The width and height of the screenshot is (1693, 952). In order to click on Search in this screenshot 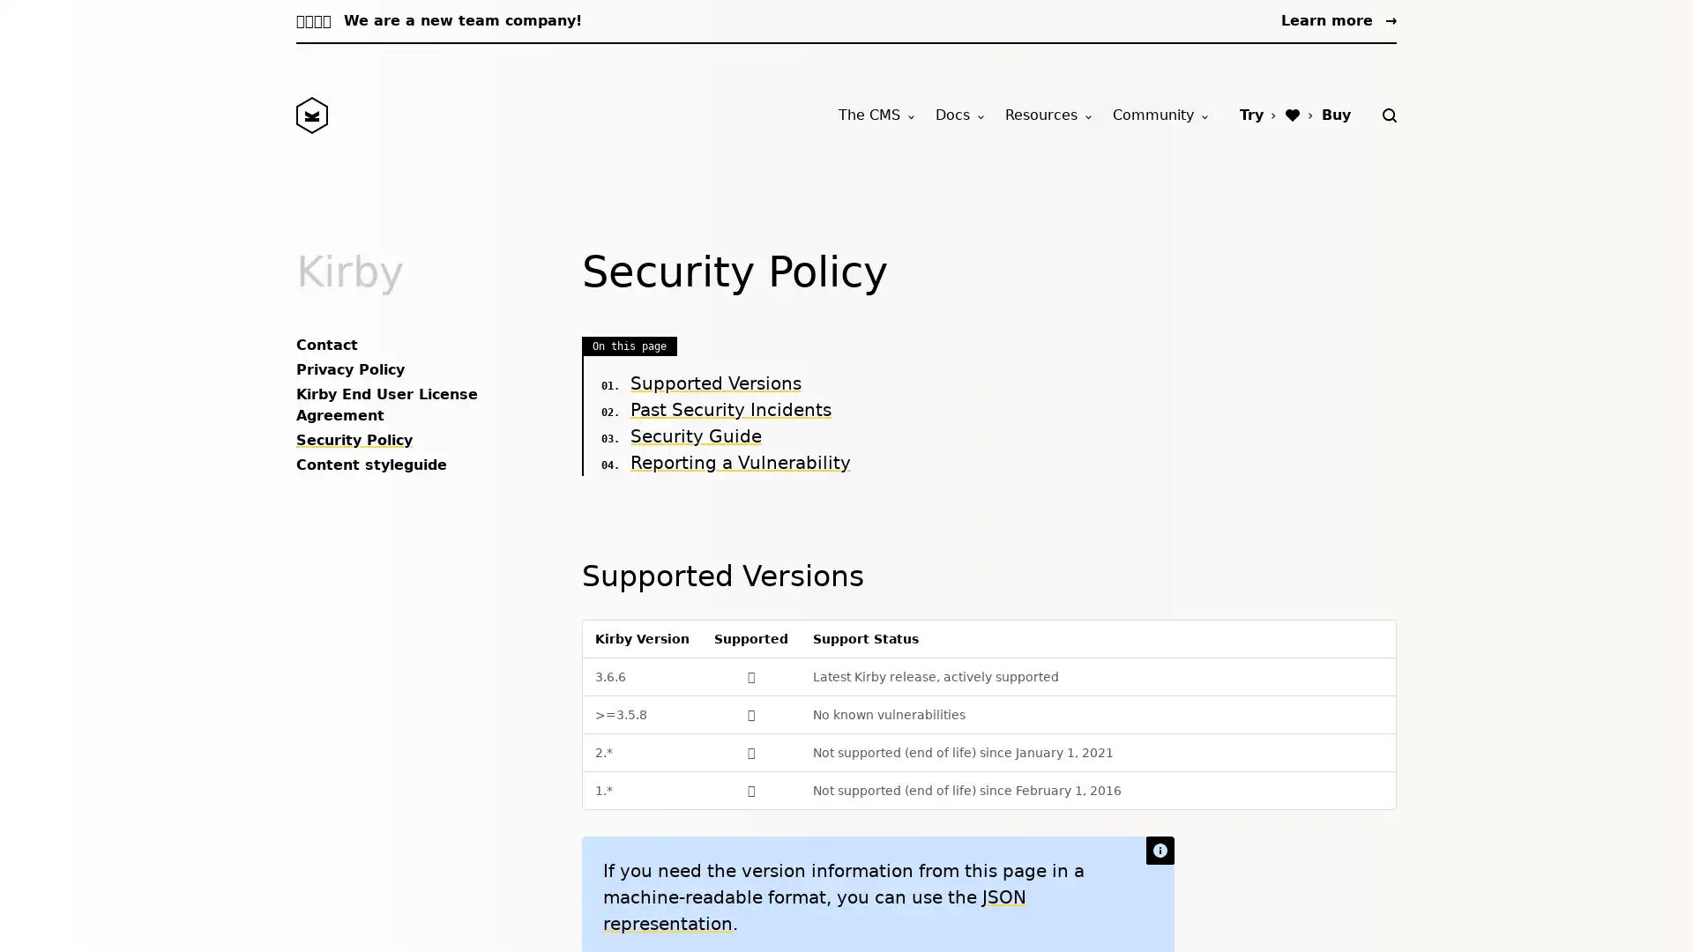, I will do `click(1388, 115)`.